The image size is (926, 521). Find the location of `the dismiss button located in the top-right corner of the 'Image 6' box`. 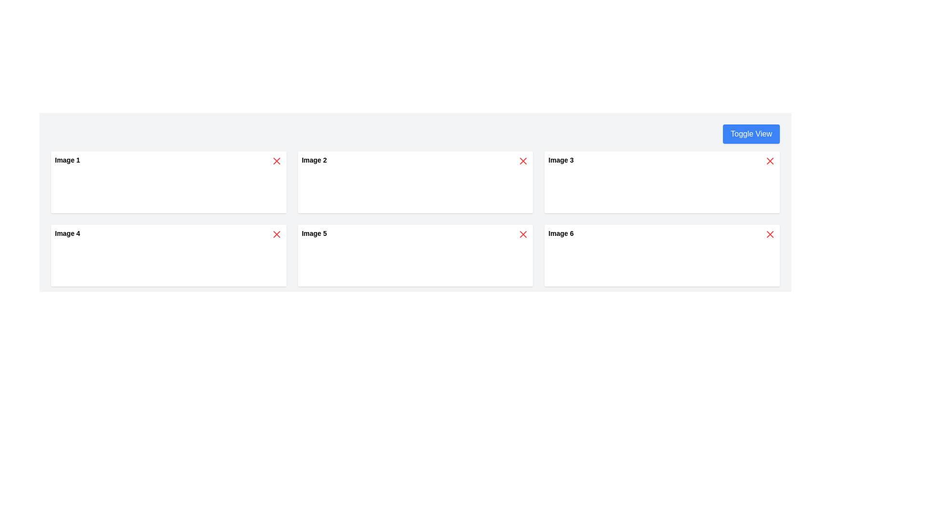

the dismiss button located in the top-right corner of the 'Image 6' box is located at coordinates (770, 234).